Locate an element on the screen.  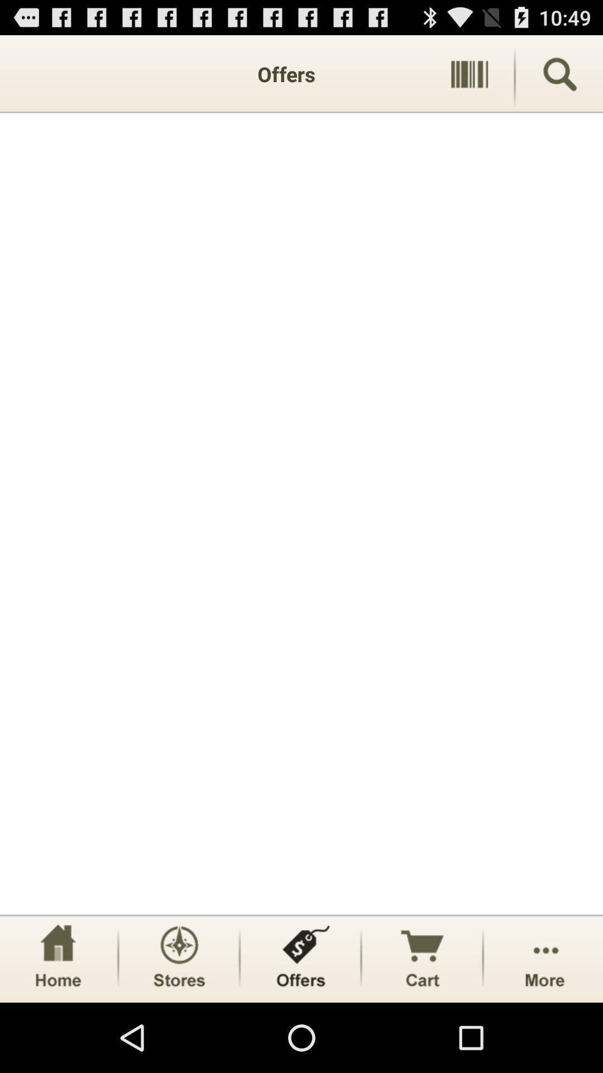
item to the right of the offers item is located at coordinates (469, 73).